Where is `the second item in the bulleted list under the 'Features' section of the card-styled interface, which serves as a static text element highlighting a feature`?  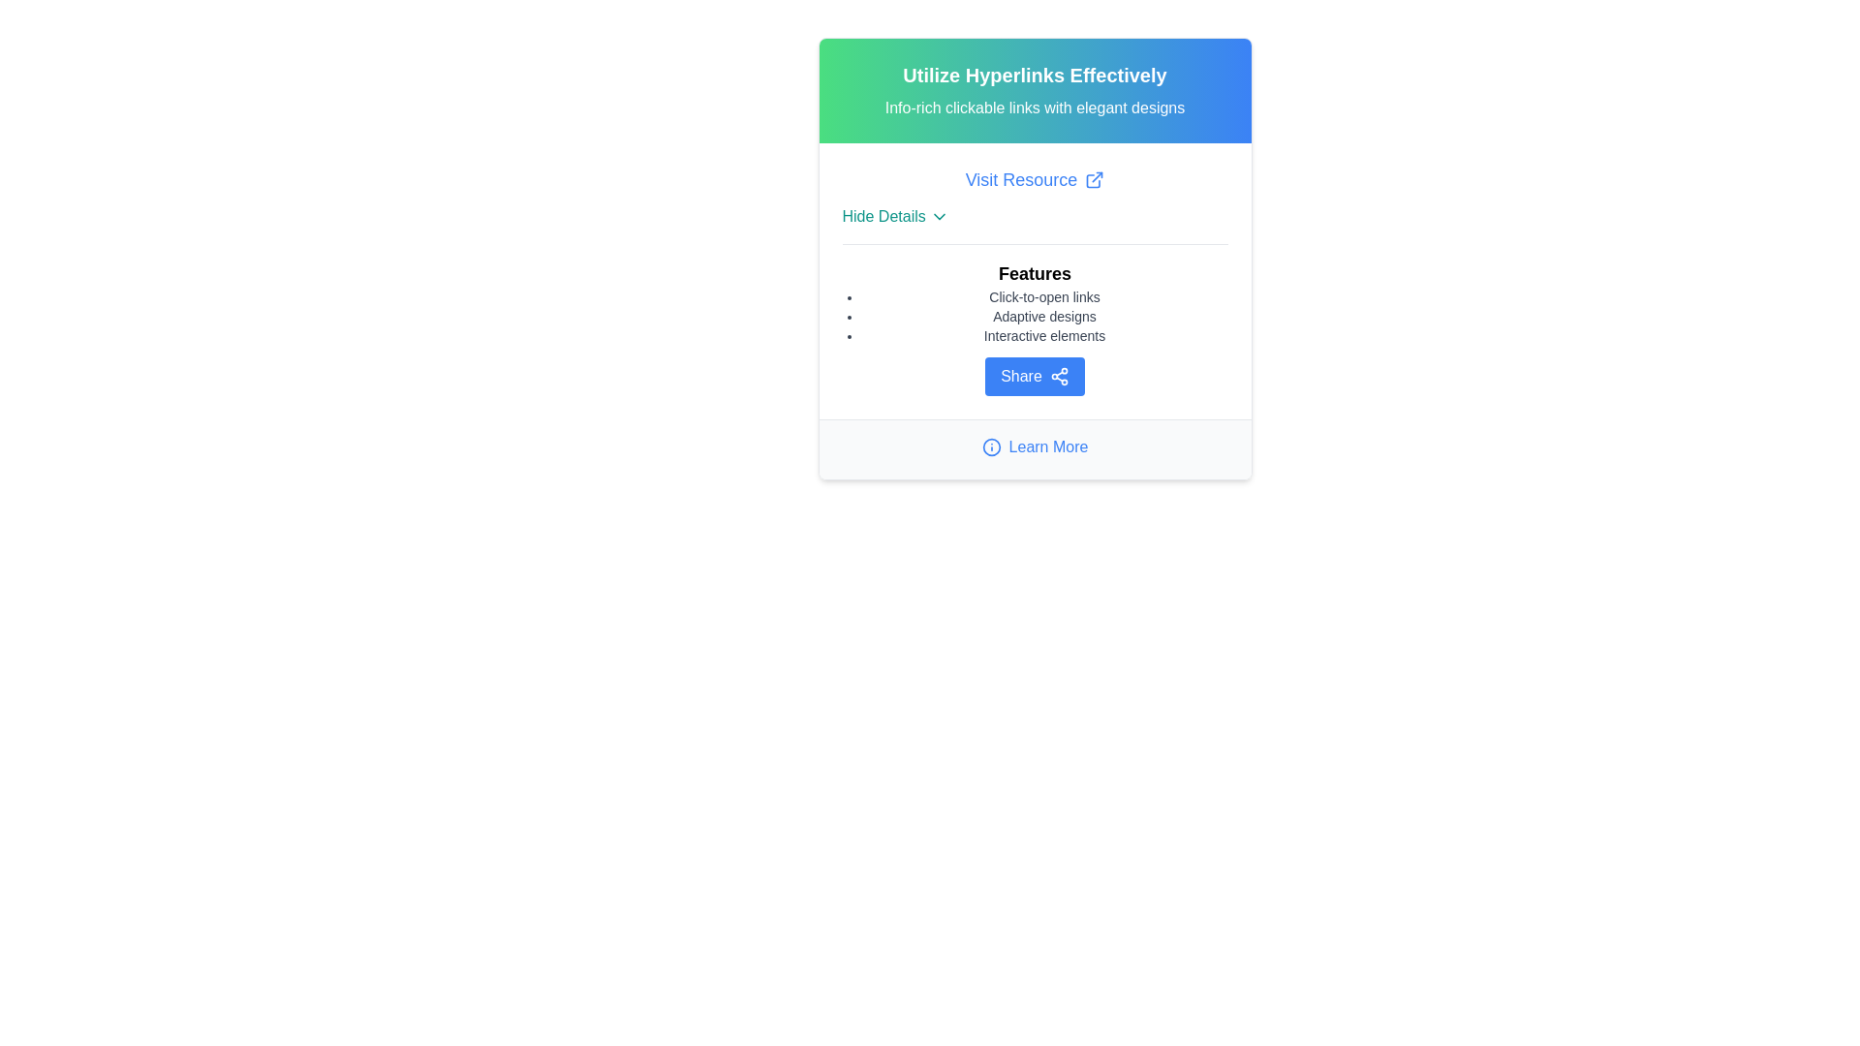
the second item in the bulleted list under the 'Features' section of the card-styled interface, which serves as a static text element highlighting a feature is located at coordinates (1043, 316).